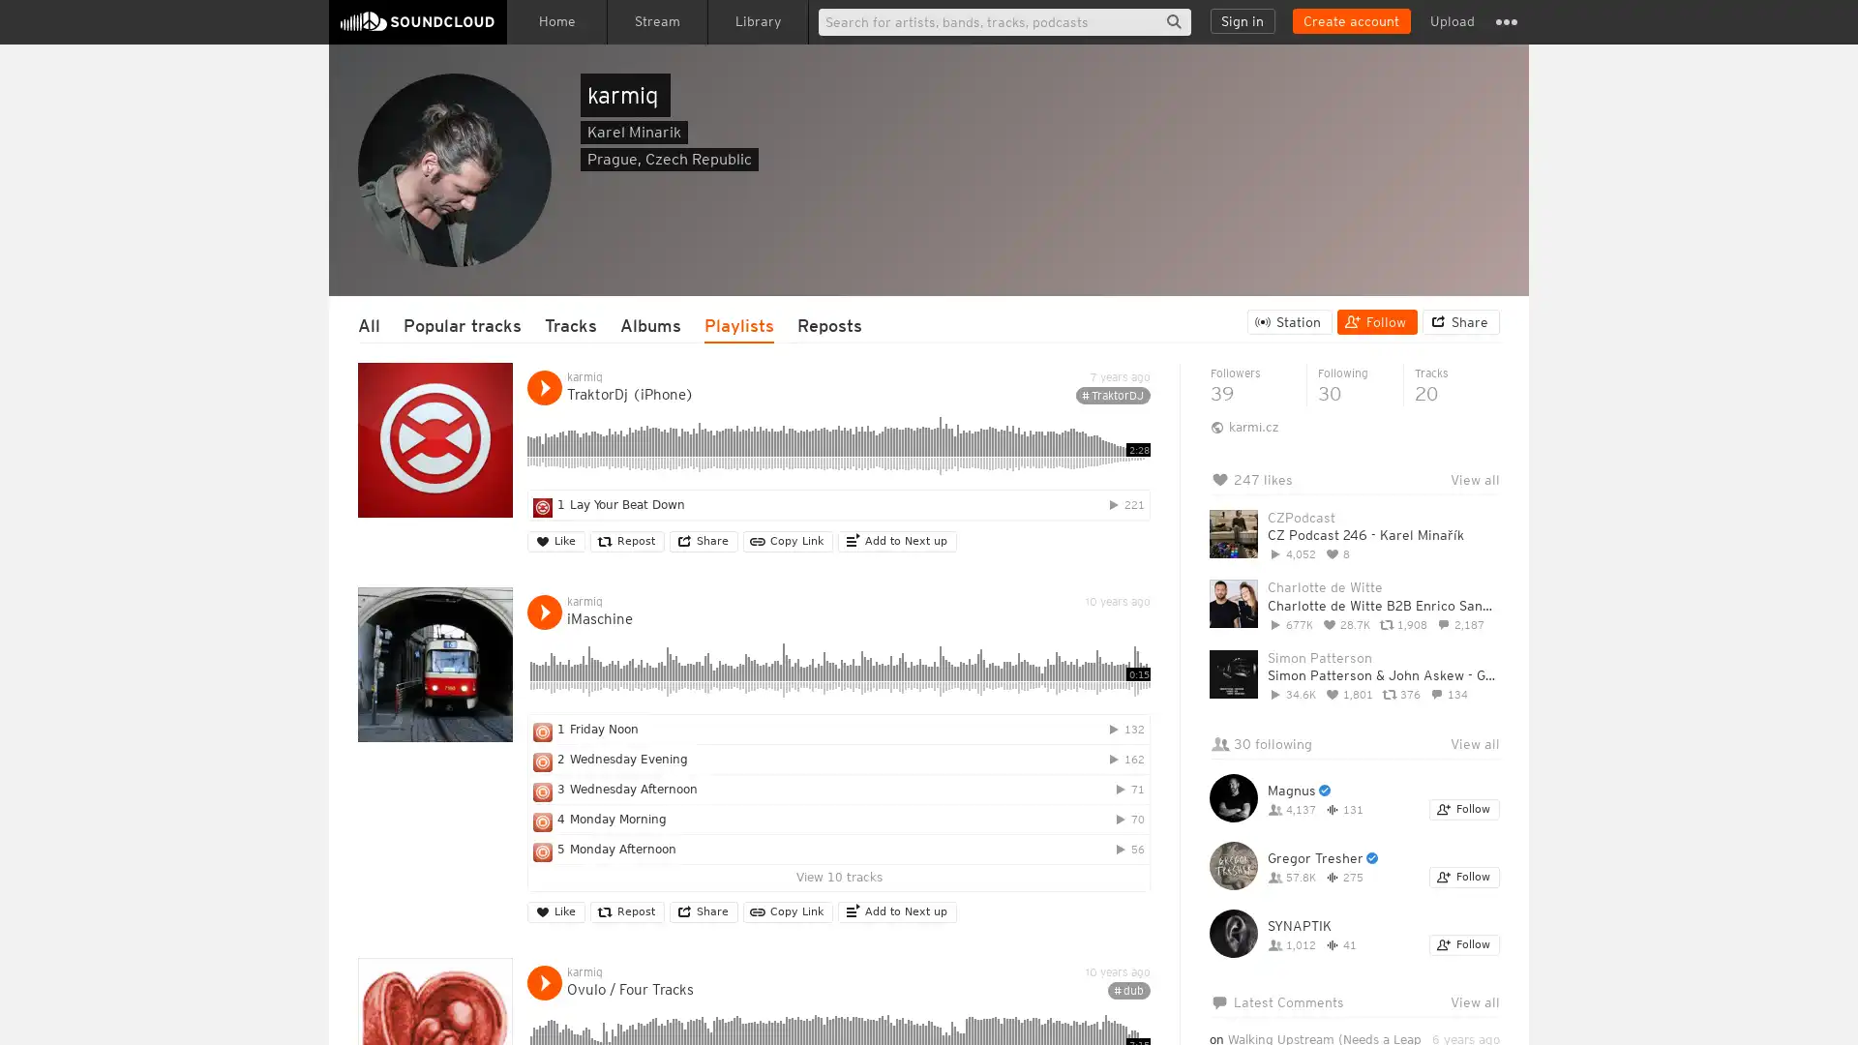 Image resolution: width=1858 pixels, height=1045 pixels. Describe the element at coordinates (788, 911) in the screenshot. I see `Copy Link` at that location.